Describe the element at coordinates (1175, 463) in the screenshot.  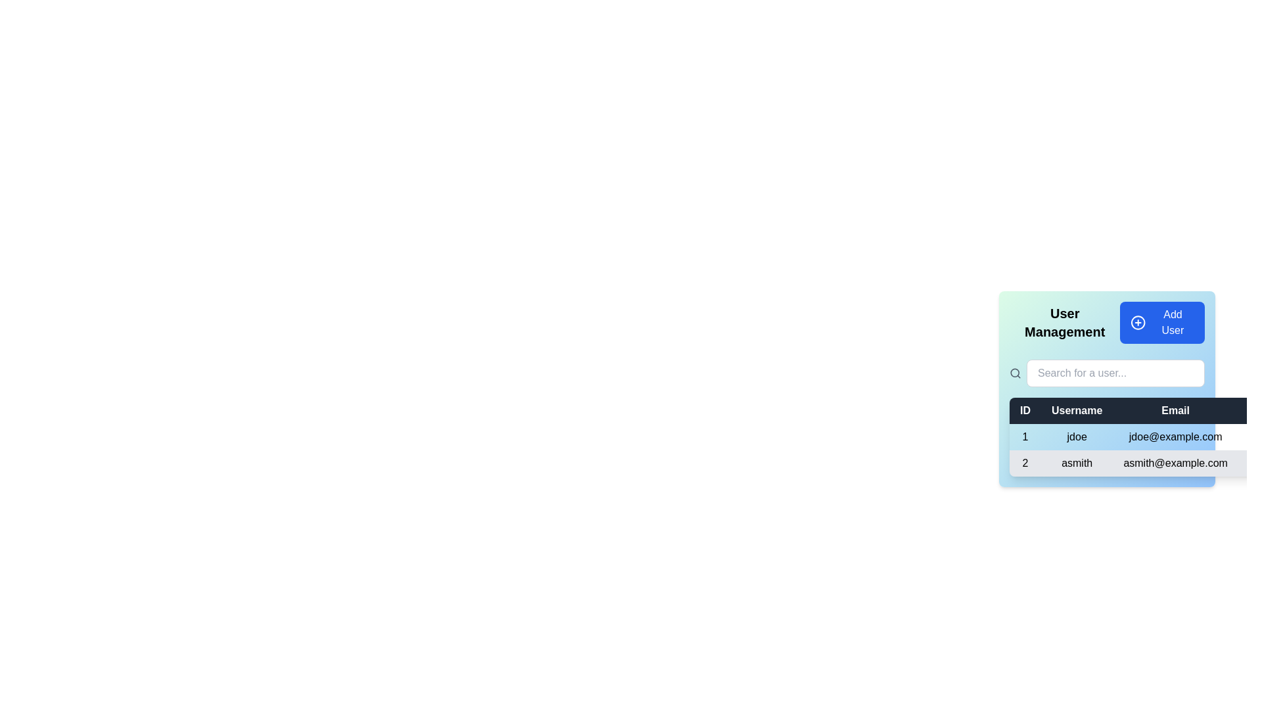
I see `the text label element displaying the email address 'asmith@example.com' in the second row of the 'User Management' table` at that location.